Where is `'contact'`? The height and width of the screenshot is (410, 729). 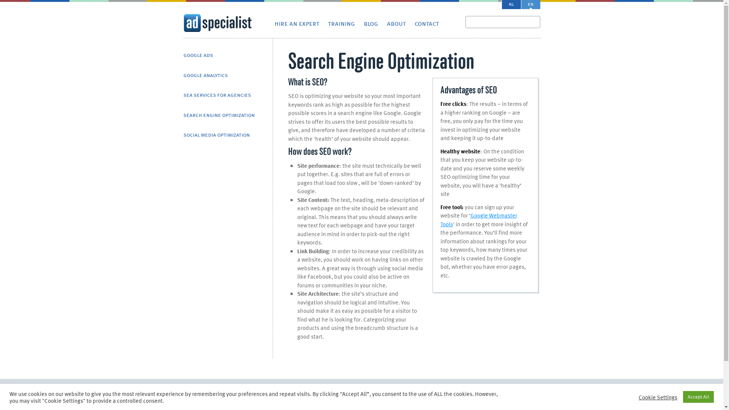 'contact' is located at coordinates (426, 23).